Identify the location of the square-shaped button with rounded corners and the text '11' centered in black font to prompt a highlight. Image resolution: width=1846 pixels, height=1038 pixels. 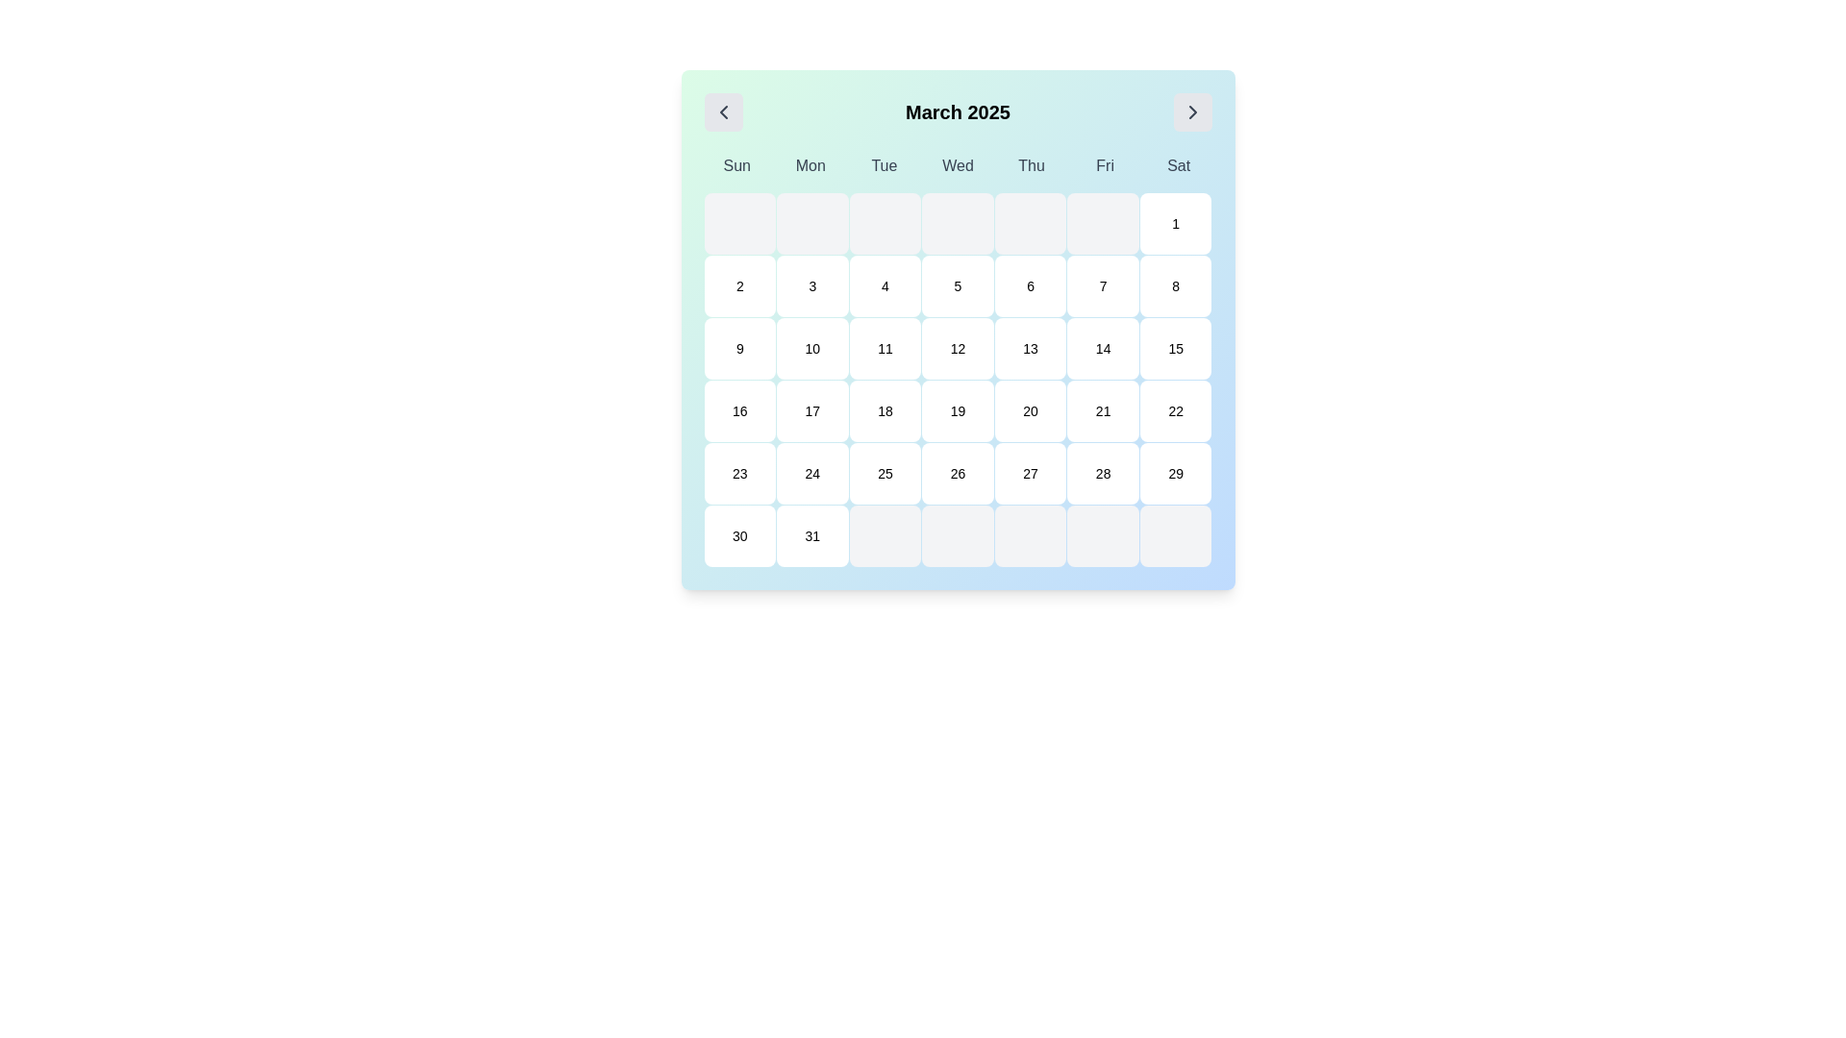
(884, 348).